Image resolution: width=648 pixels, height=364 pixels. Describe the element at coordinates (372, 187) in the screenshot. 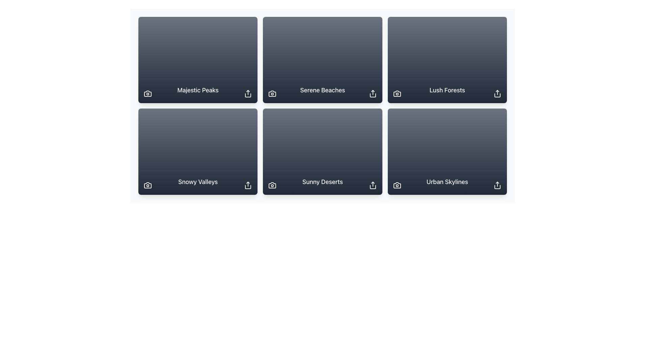

I see `the share icon located at the bottom-right corner of the second row in the grid layout, adjacent to the title 'Sunny Deserts'` at that location.